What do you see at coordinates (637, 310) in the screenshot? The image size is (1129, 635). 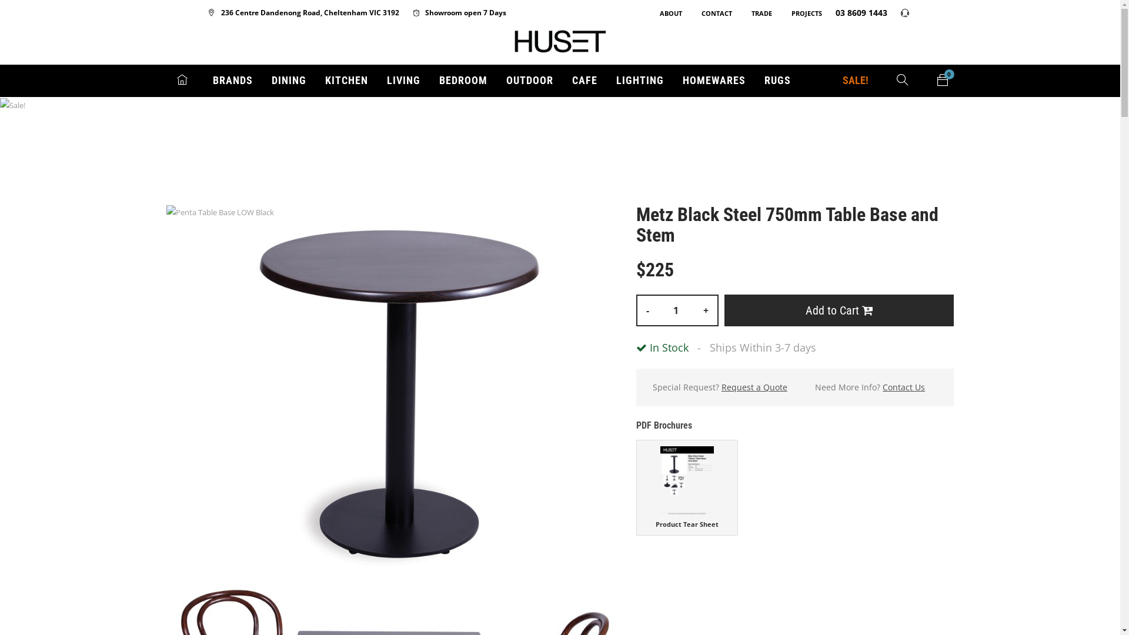 I see `'-'` at bounding box center [637, 310].